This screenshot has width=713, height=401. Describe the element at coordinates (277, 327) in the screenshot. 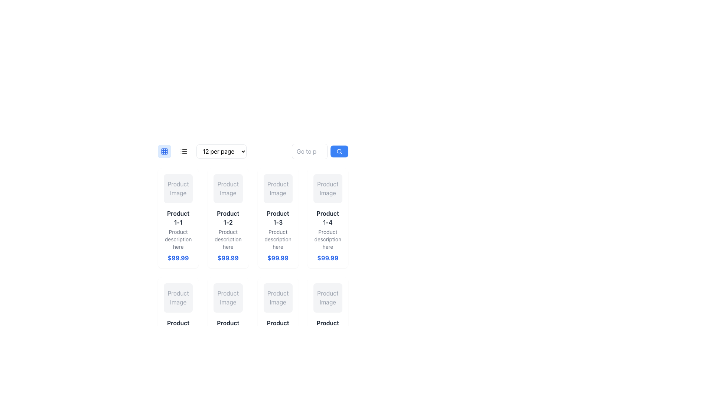

I see `the Clickable card displaying product preview information, located as the second item in the second row of a 4-column grid layout` at that location.